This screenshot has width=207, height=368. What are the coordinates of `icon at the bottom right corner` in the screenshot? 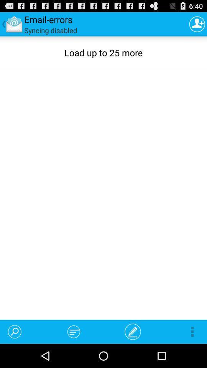 It's located at (192, 331).